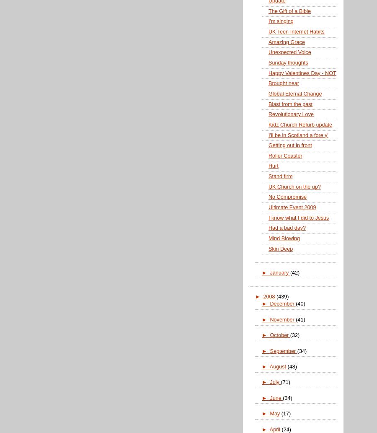 This screenshot has width=377, height=433. I want to click on 'Skin Deep', so click(280, 248).